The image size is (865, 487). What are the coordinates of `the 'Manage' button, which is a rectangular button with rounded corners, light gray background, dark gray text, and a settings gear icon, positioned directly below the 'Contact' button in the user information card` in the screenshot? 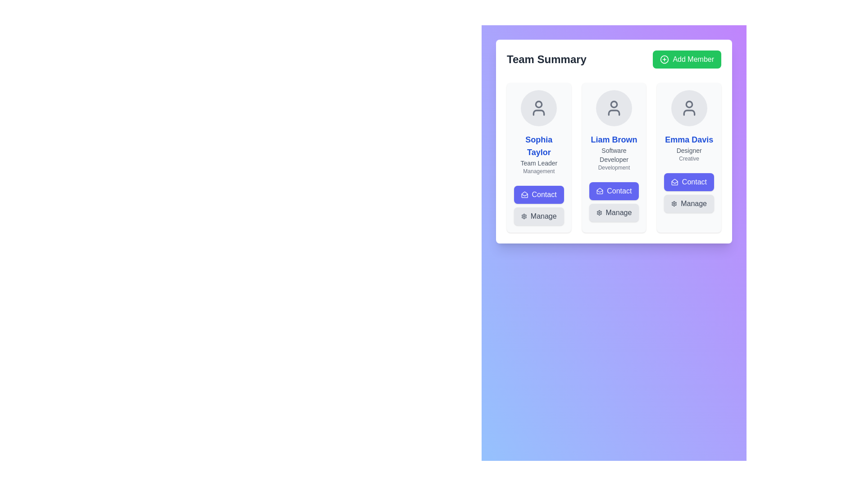 It's located at (539, 216).